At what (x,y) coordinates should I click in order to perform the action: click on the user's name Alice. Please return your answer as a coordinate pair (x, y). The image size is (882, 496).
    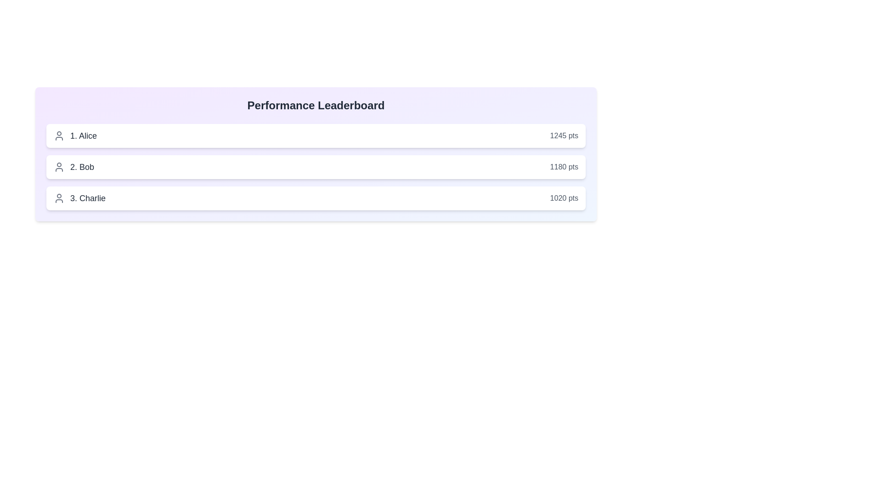
    Looking at the image, I should click on (75, 136).